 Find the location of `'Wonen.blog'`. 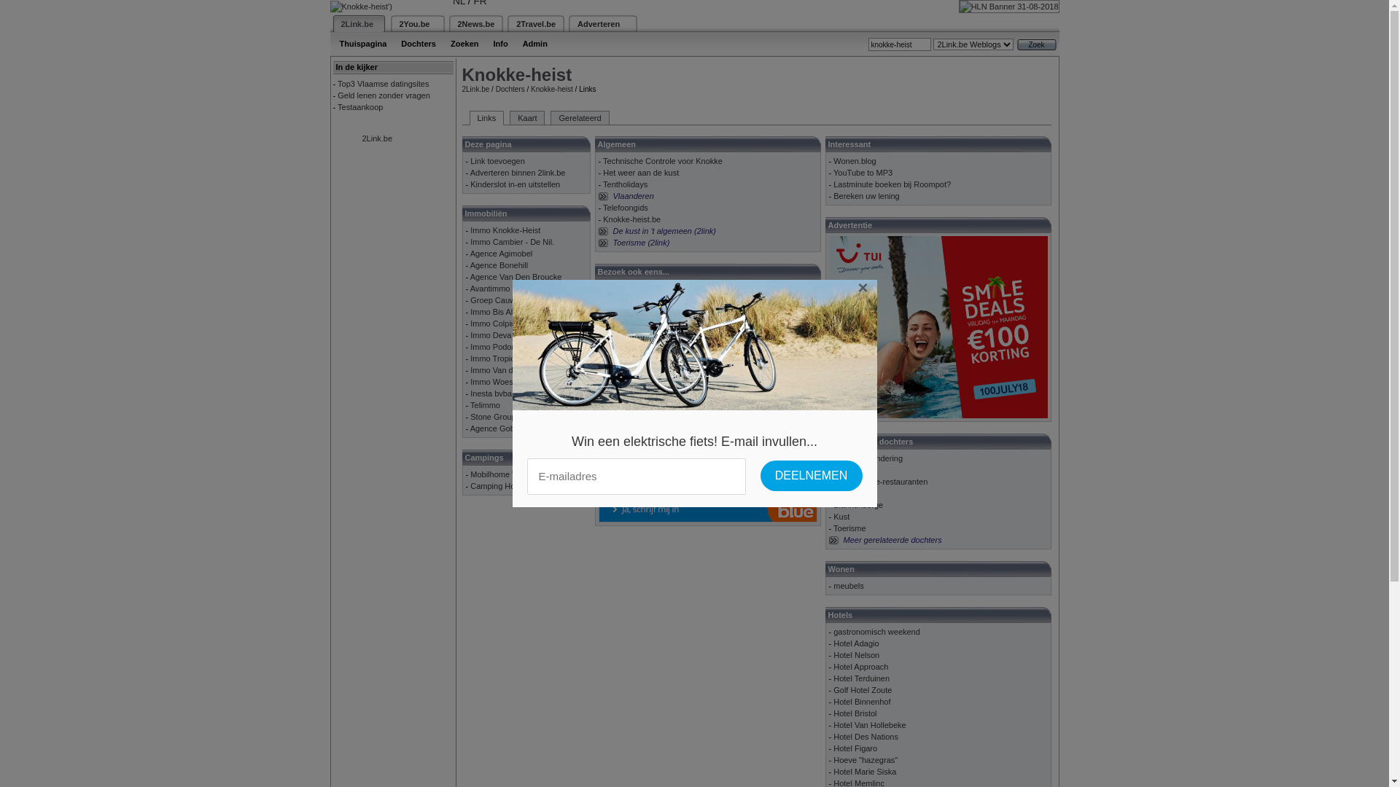

'Wonen.blog' is located at coordinates (855, 160).